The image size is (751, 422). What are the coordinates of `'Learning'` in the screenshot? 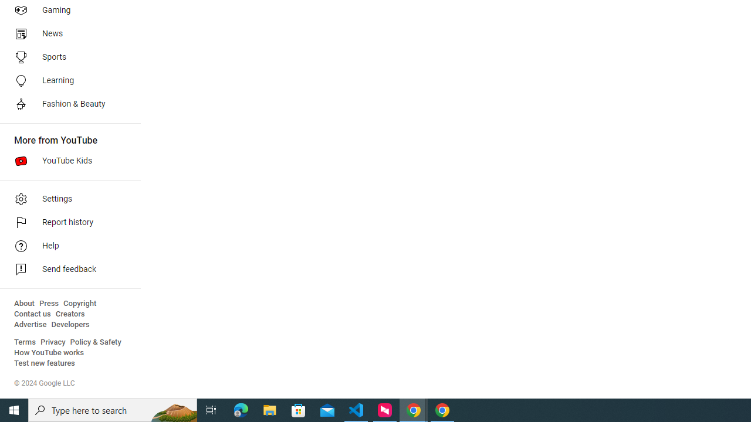 It's located at (66, 80).